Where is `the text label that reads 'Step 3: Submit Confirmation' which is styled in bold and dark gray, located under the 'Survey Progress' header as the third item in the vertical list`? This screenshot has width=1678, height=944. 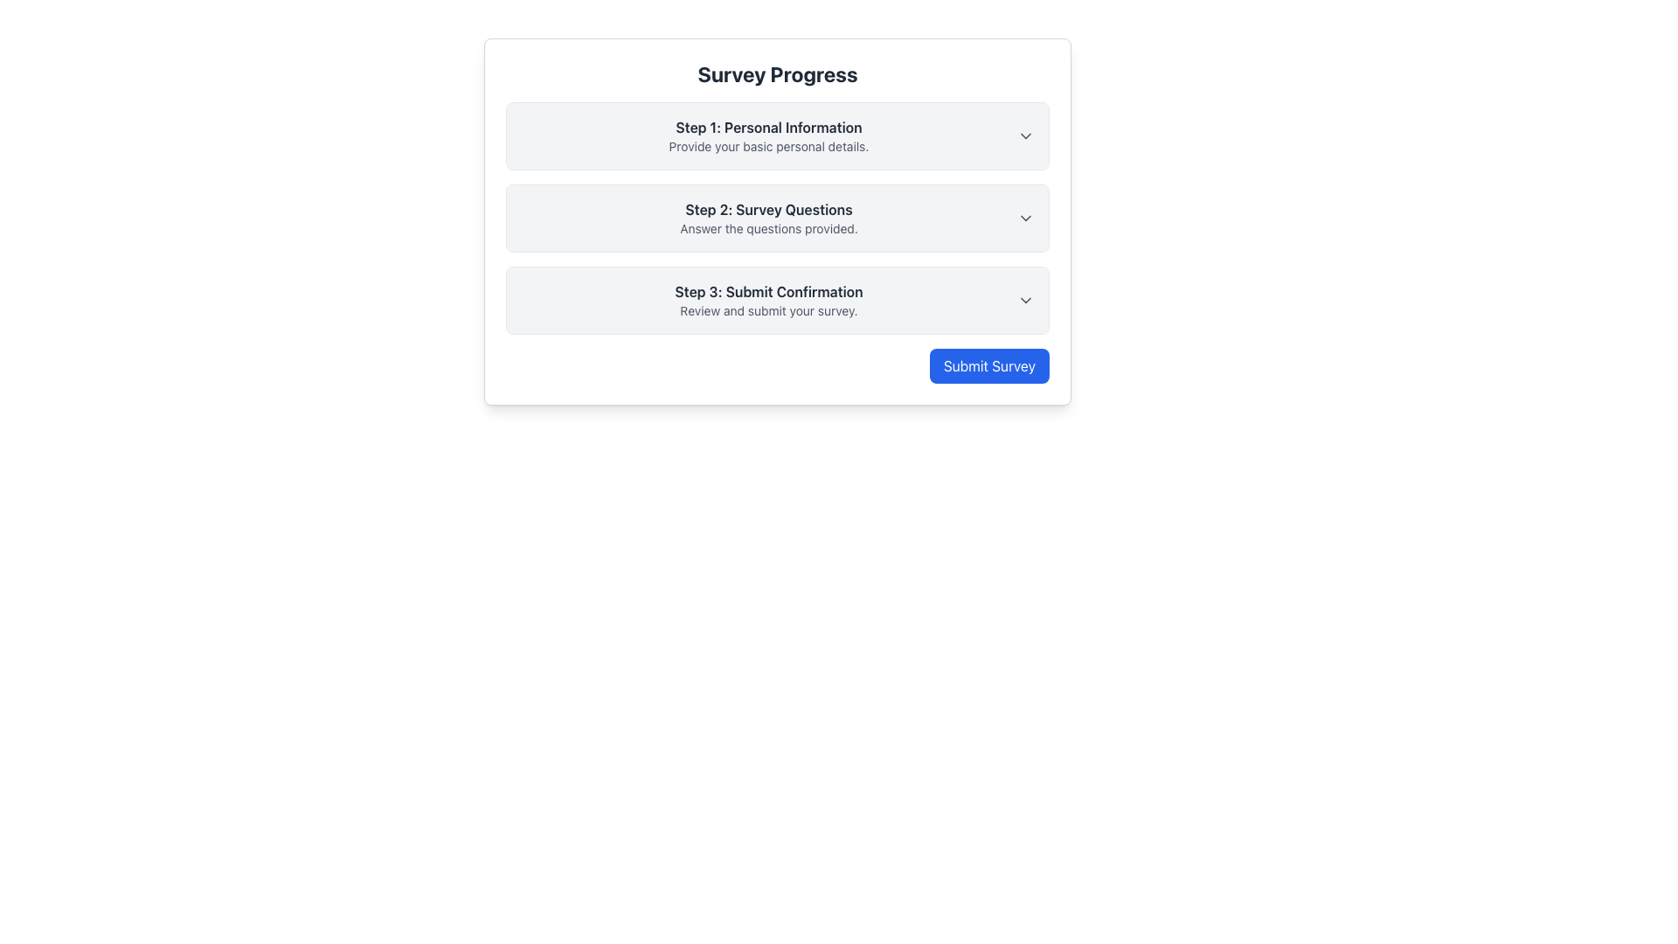 the text label that reads 'Step 3: Submit Confirmation' which is styled in bold and dark gray, located under the 'Survey Progress' header as the third item in the vertical list is located at coordinates (768, 299).